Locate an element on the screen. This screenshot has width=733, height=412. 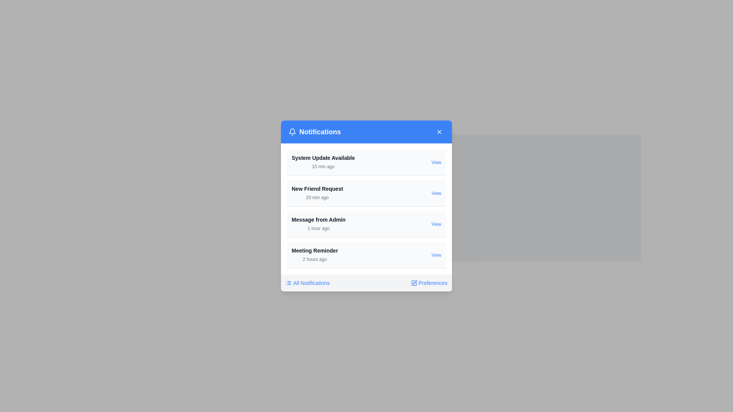
the link is located at coordinates (429, 283).